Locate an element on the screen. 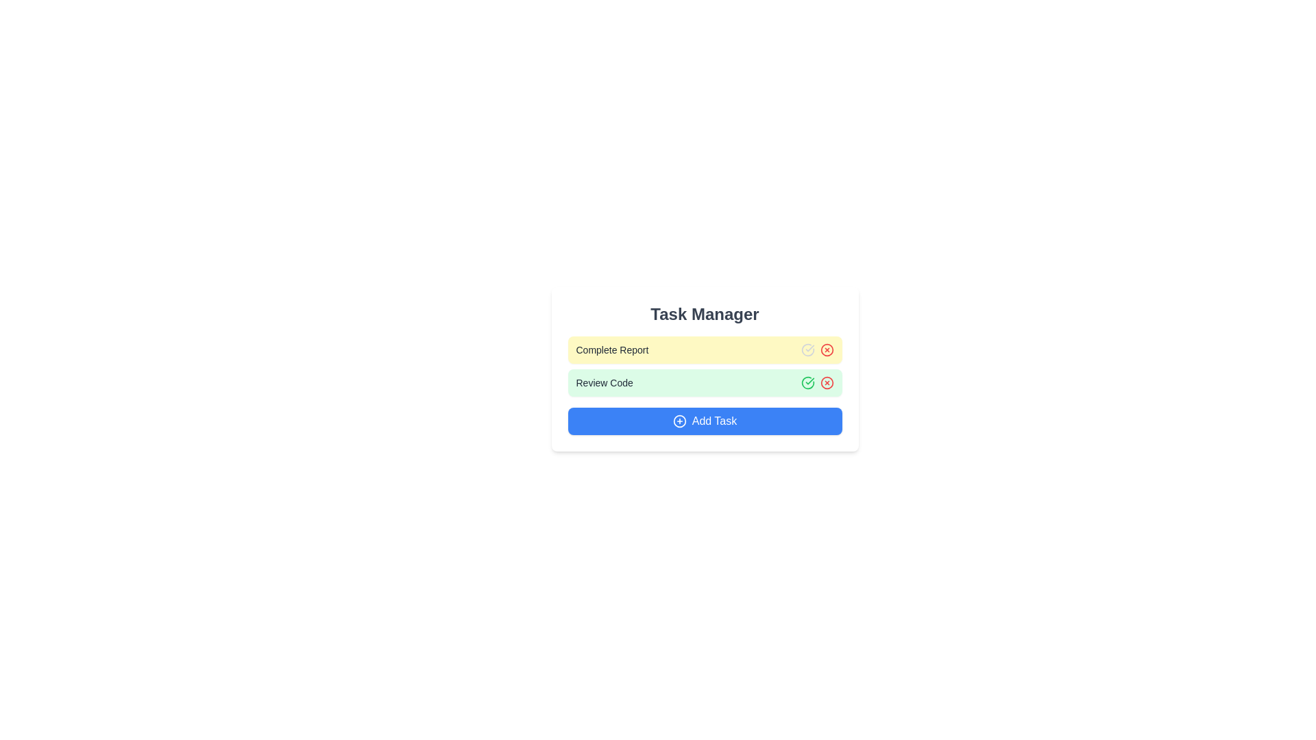 The width and height of the screenshot is (1316, 740). the 'Add Task' button to add a new task is located at coordinates (705, 420).